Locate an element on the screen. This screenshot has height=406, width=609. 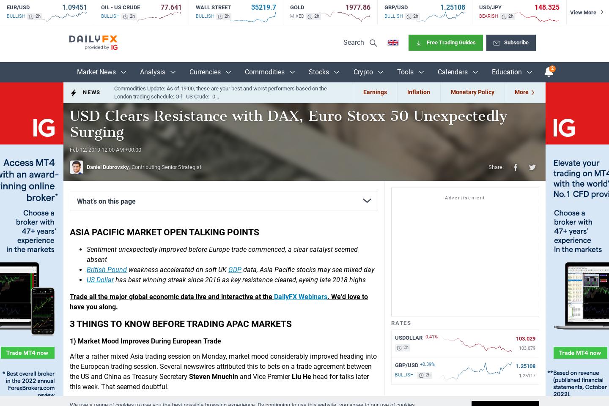
'Free Trading Guides' is located at coordinates (451, 42).